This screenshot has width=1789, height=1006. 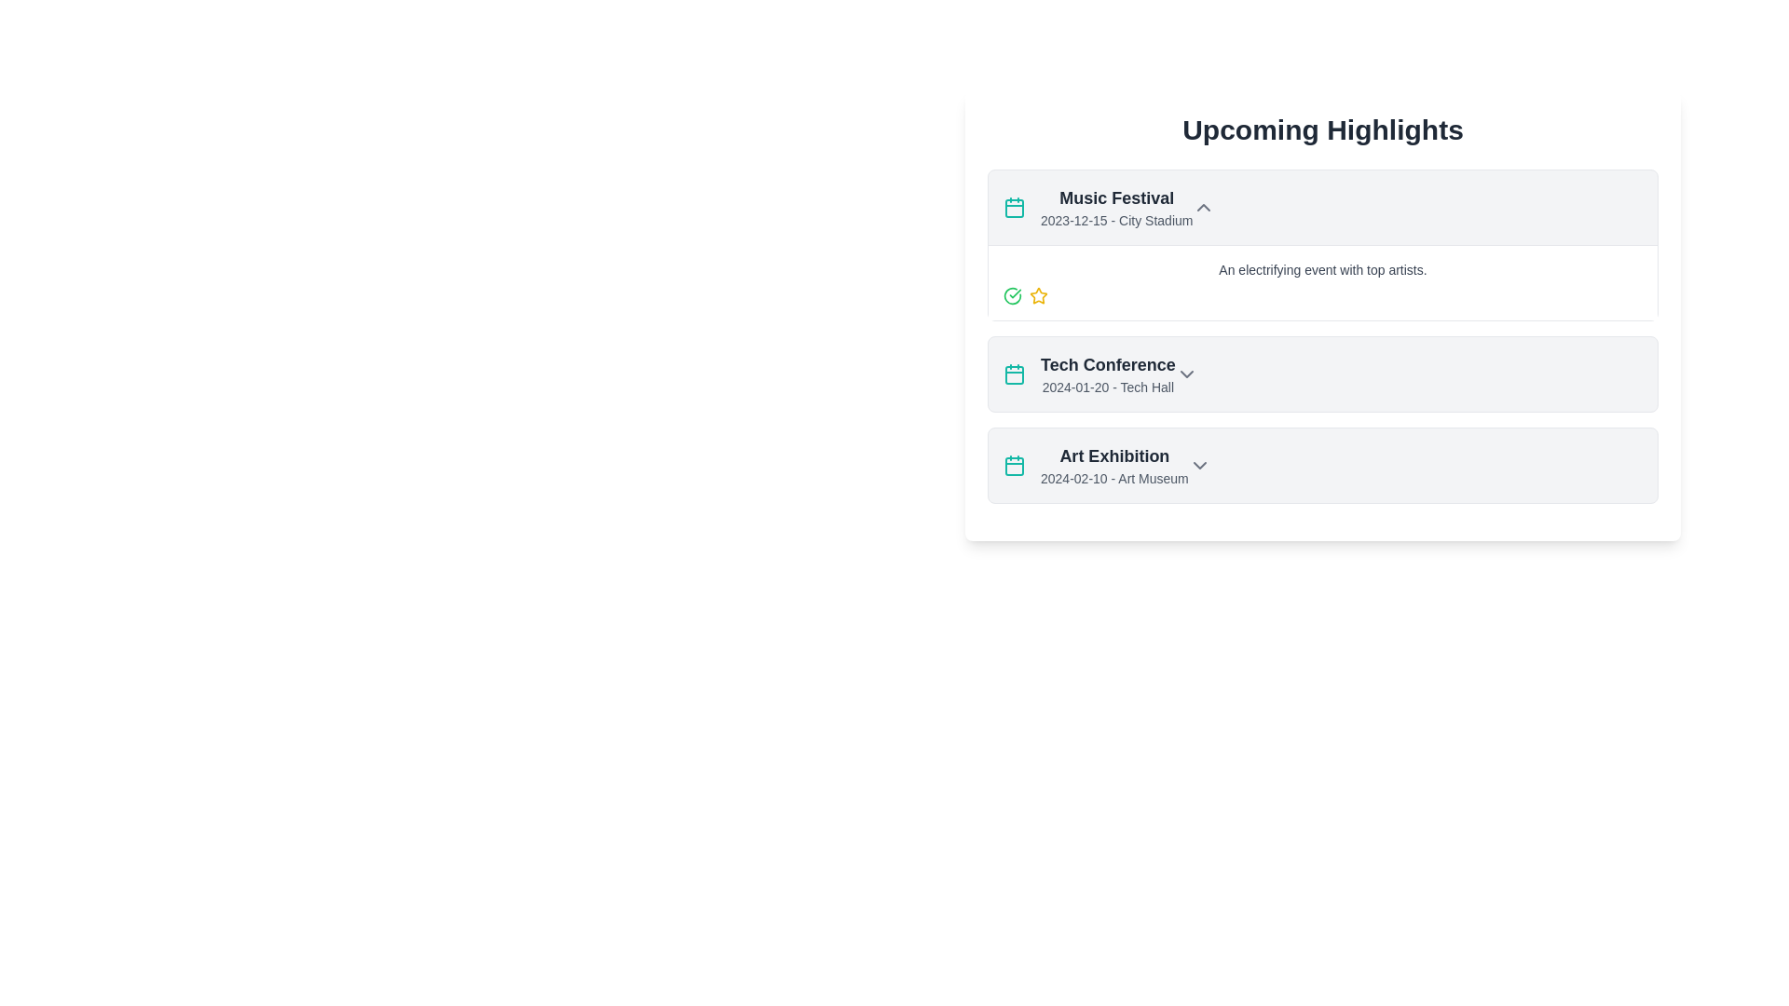 What do you see at coordinates (1322, 465) in the screenshot?
I see `the third list item in the 'Upcoming Highlights' section that displays details about an art exhibition, including its title, date, and location` at bounding box center [1322, 465].